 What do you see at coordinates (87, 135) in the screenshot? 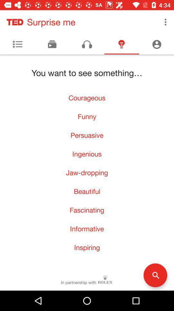
I see `persuasive item` at bounding box center [87, 135].